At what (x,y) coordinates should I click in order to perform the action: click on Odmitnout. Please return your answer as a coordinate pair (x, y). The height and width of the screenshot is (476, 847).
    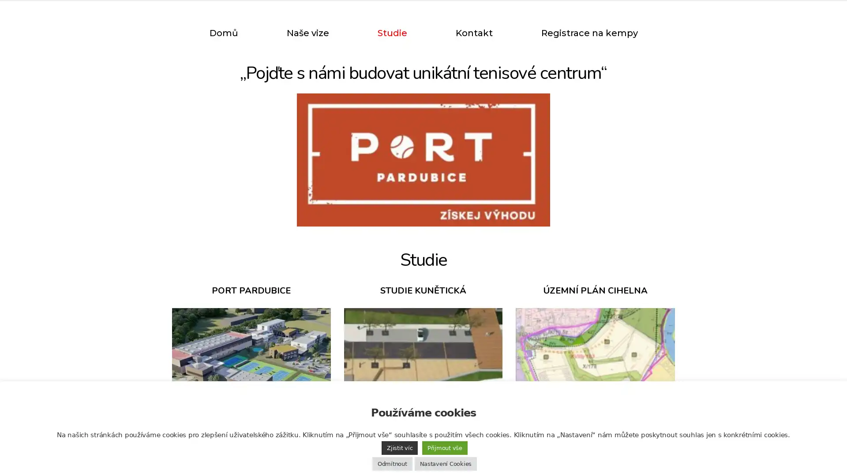
    Looking at the image, I should click on (391, 463).